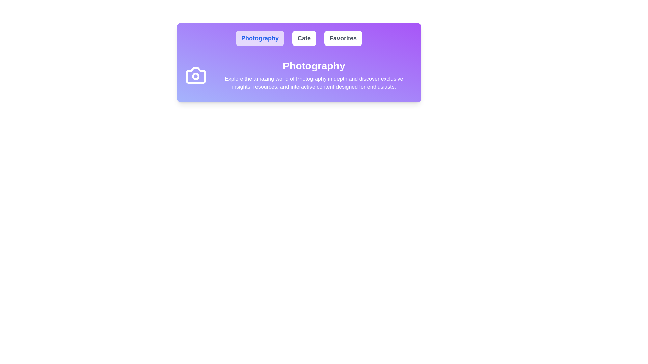  What do you see at coordinates (299, 62) in the screenshot?
I see `the buttons in the informational banner and navigation aid located at the upper-middle part of the interface to receive visual feedback` at bounding box center [299, 62].